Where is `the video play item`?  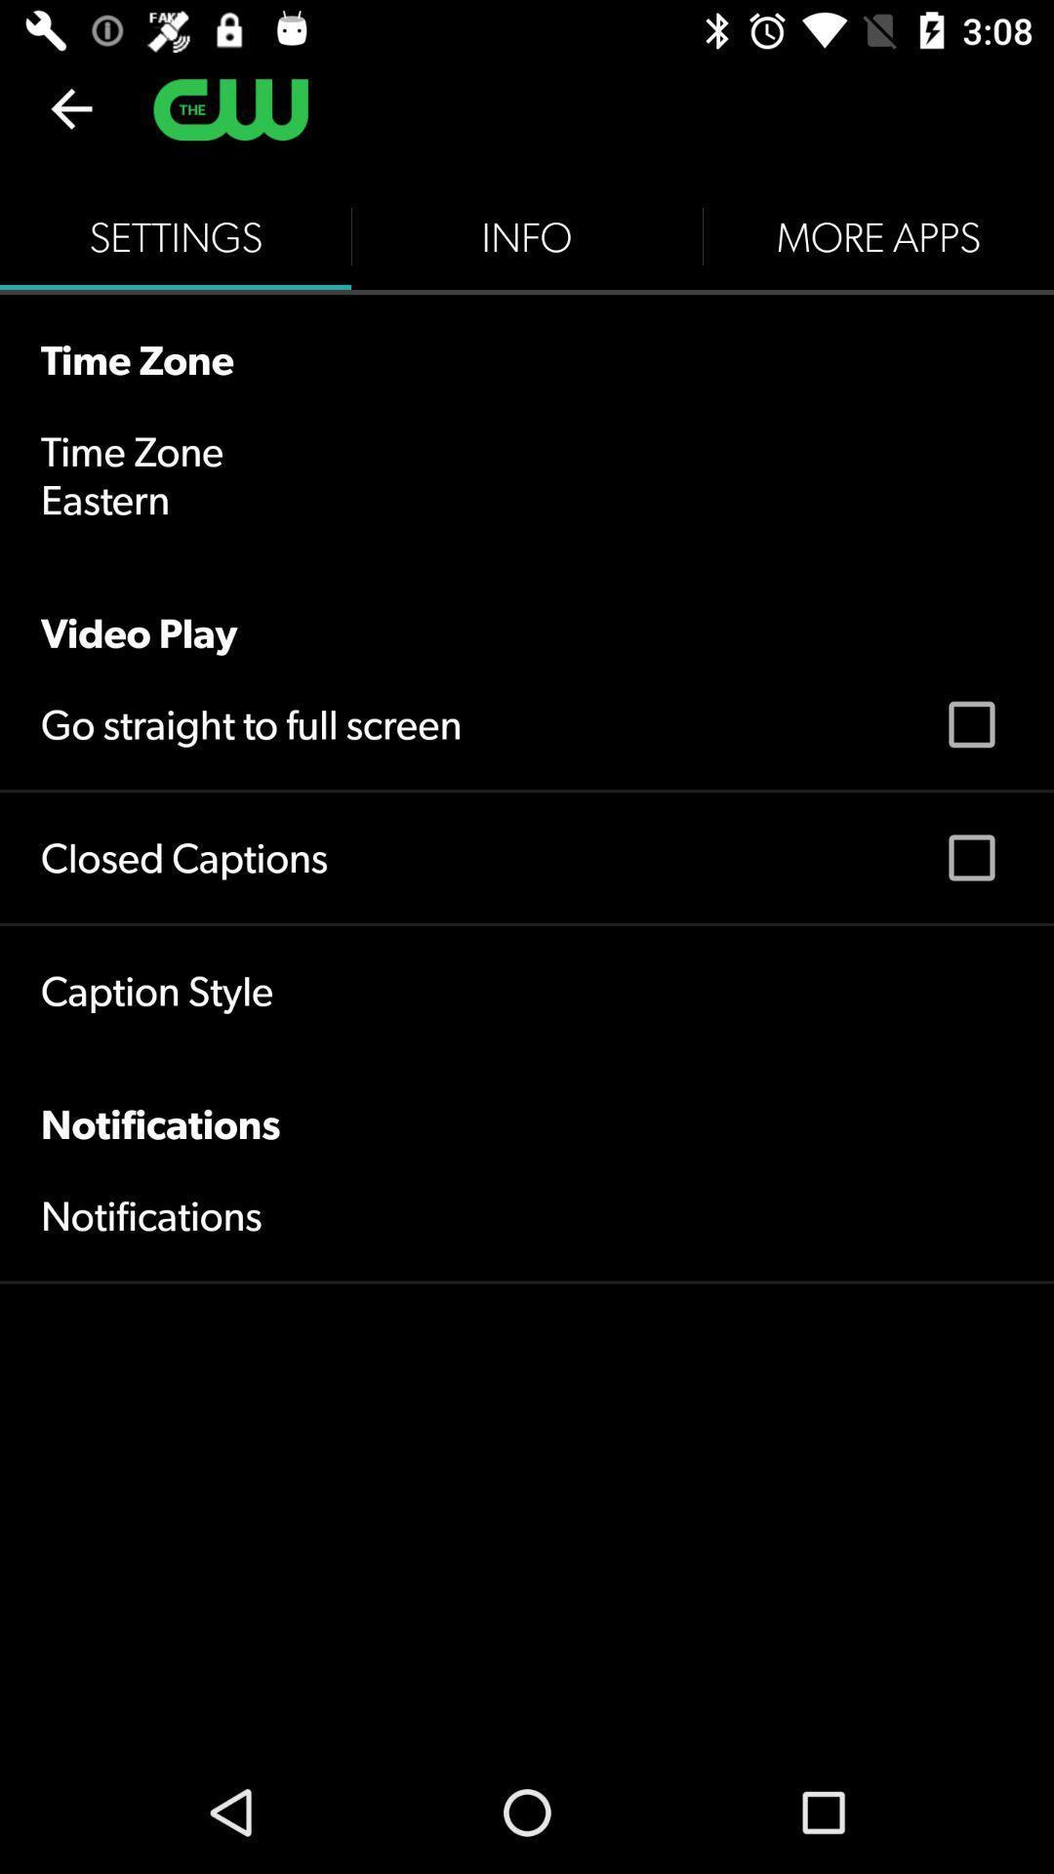 the video play item is located at coordinates (527, 611).